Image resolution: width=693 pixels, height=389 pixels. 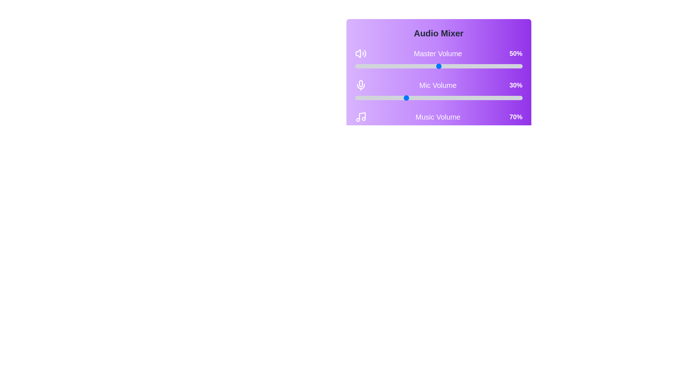 What do you see at coordinates (487, 98) in the screenshot?
I see `the microphone volume level` at bounding box center [487, 98].